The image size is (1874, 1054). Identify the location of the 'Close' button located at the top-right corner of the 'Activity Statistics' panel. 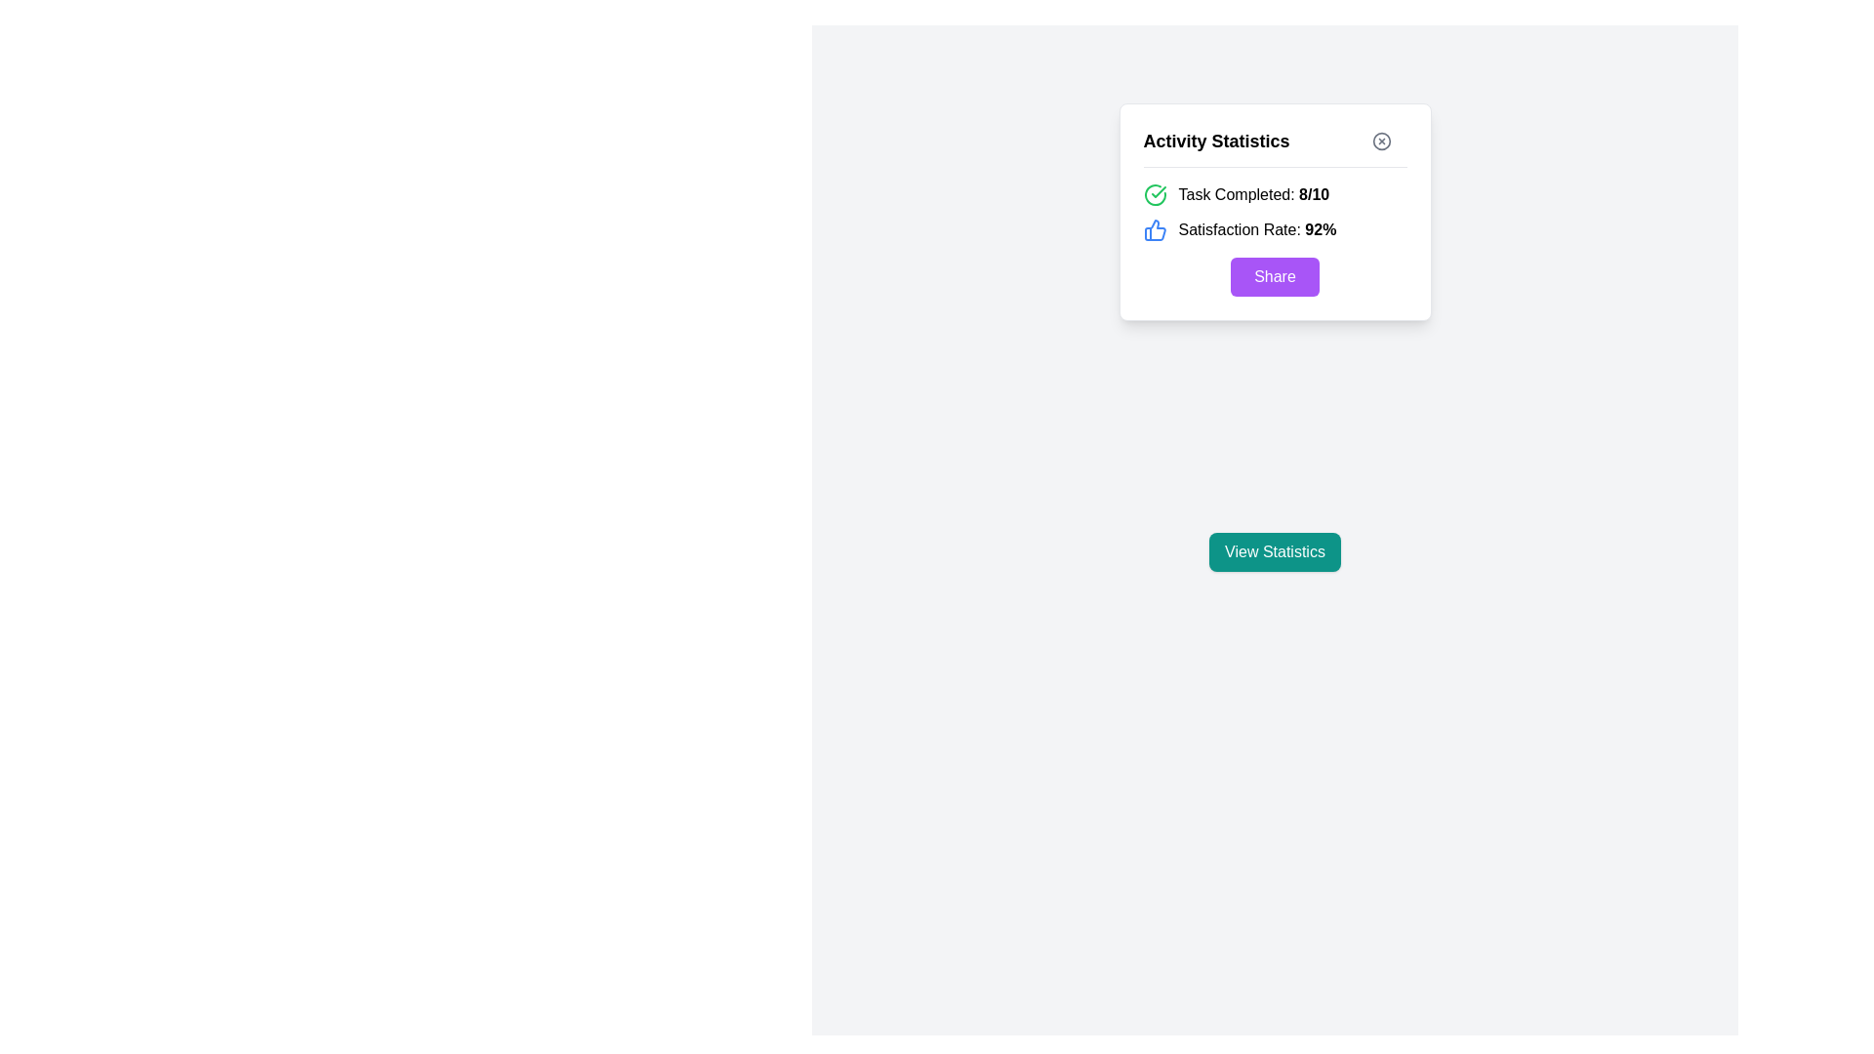
(1386, 141).